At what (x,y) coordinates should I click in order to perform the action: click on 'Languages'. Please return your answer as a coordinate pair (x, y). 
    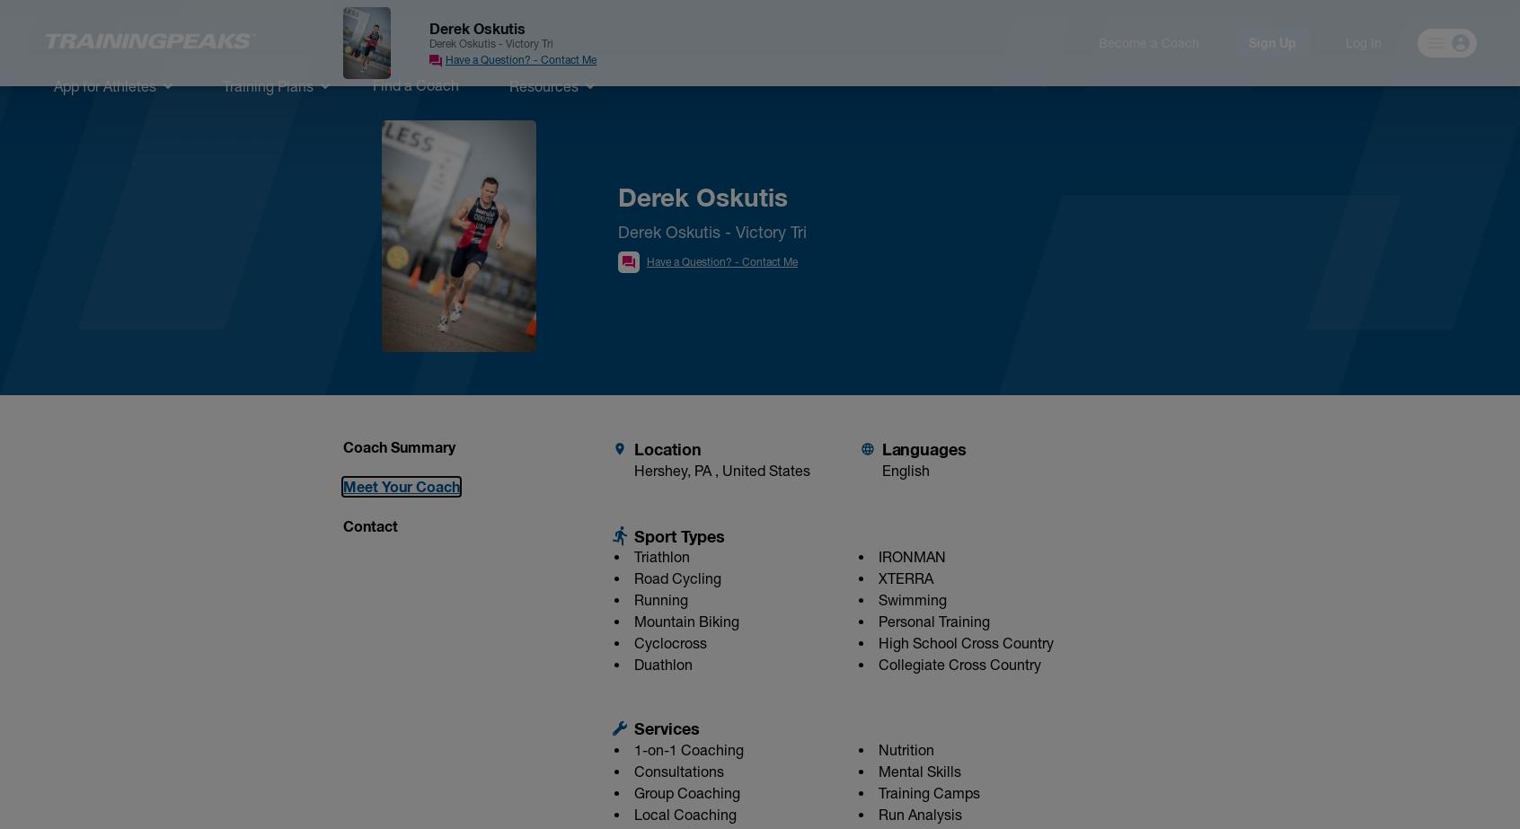
    Looking at the image, I should click on (923, 446).